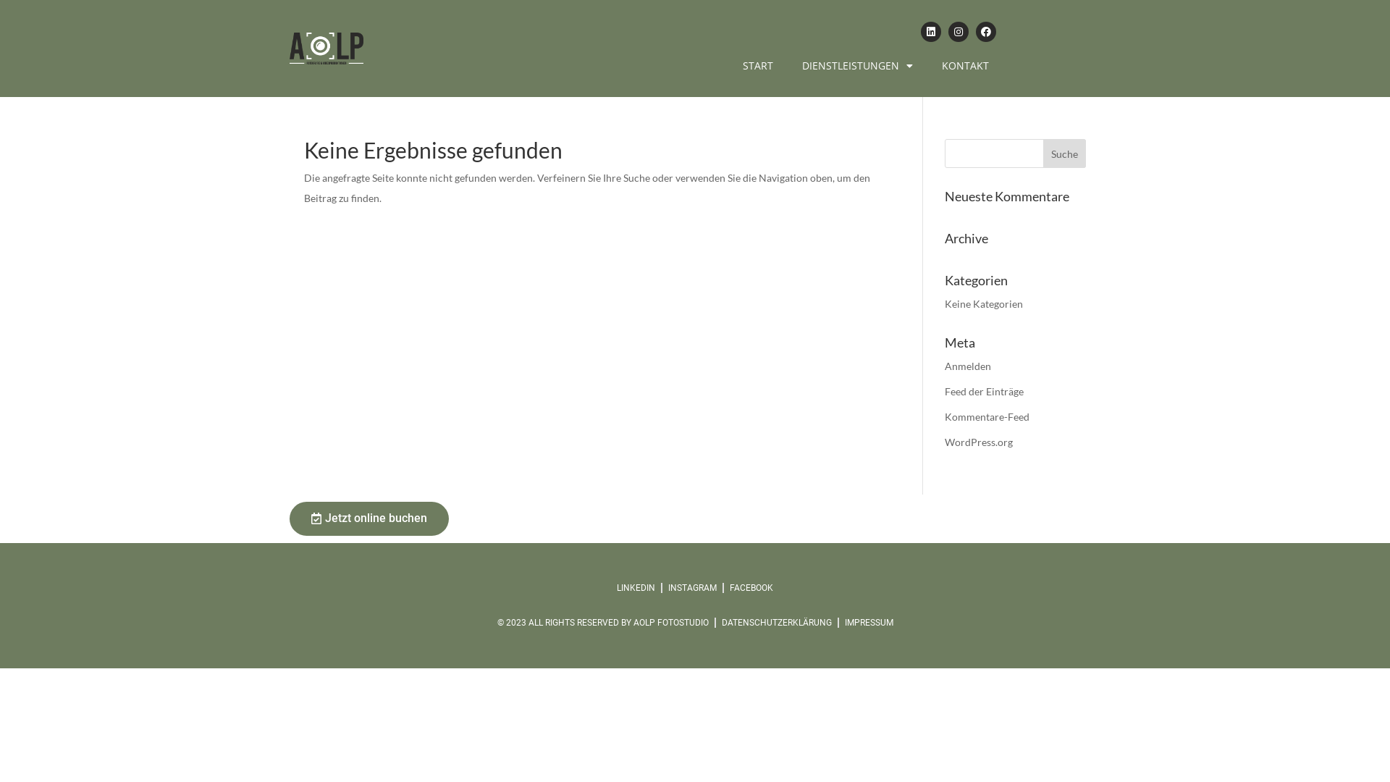 This screenshot has height=782, width=1390. Describe the element at coordinates (751, 588) in the screenshot. I see `'FACEBOOK'` at that location.